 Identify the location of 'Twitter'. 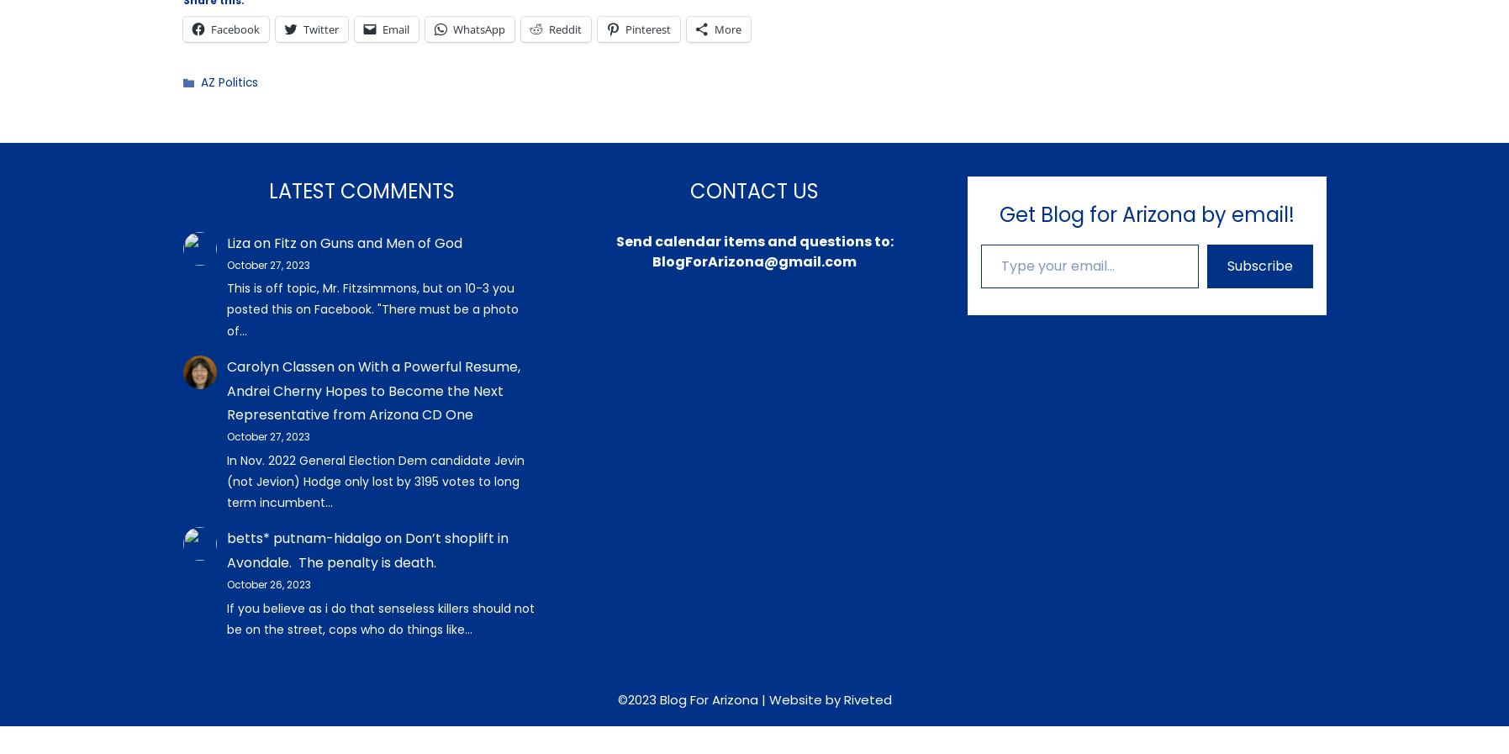
(303, 28).